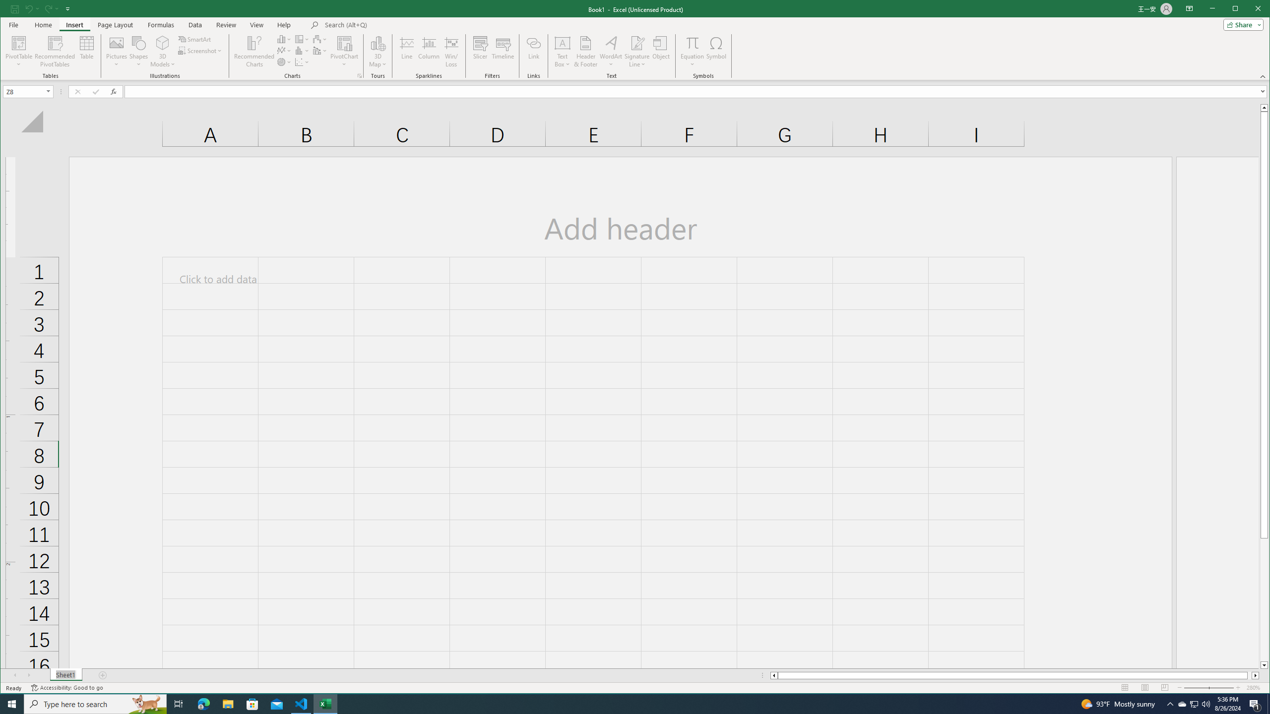 The width and height of the screenshot is (1270, 714). What do you see at coordinates (162, 42) in the screenshot?
I see `'3D Models'` at bounding box center [162, 42].